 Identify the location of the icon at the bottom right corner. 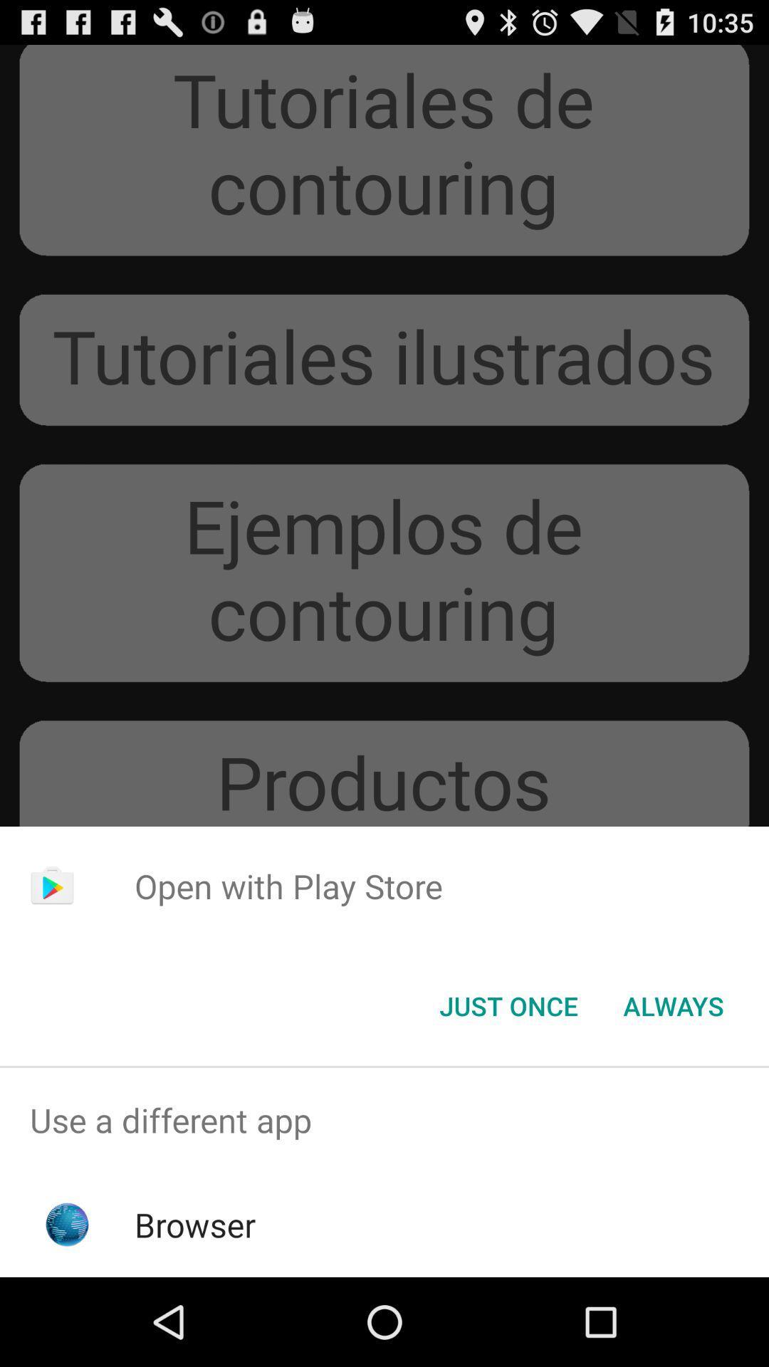
(673, 1005).